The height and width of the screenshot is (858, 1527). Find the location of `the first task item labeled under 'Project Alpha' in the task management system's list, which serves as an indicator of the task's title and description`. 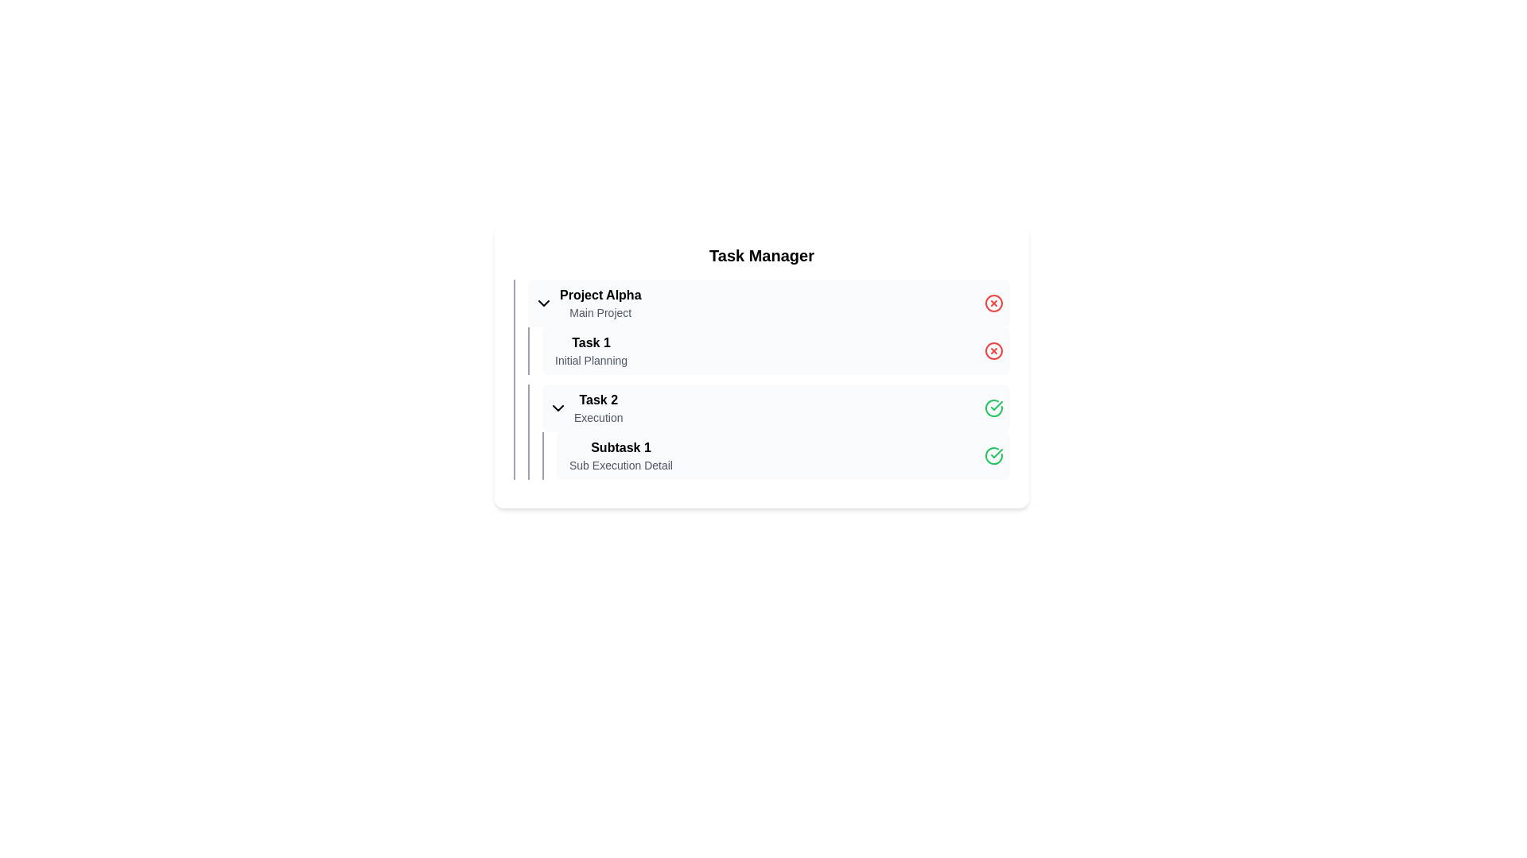

the first task item labeled under 'Project Alpha' in the task management system's list, which serves as an indicator of the task's title and description is located at coordinates (587, 350).